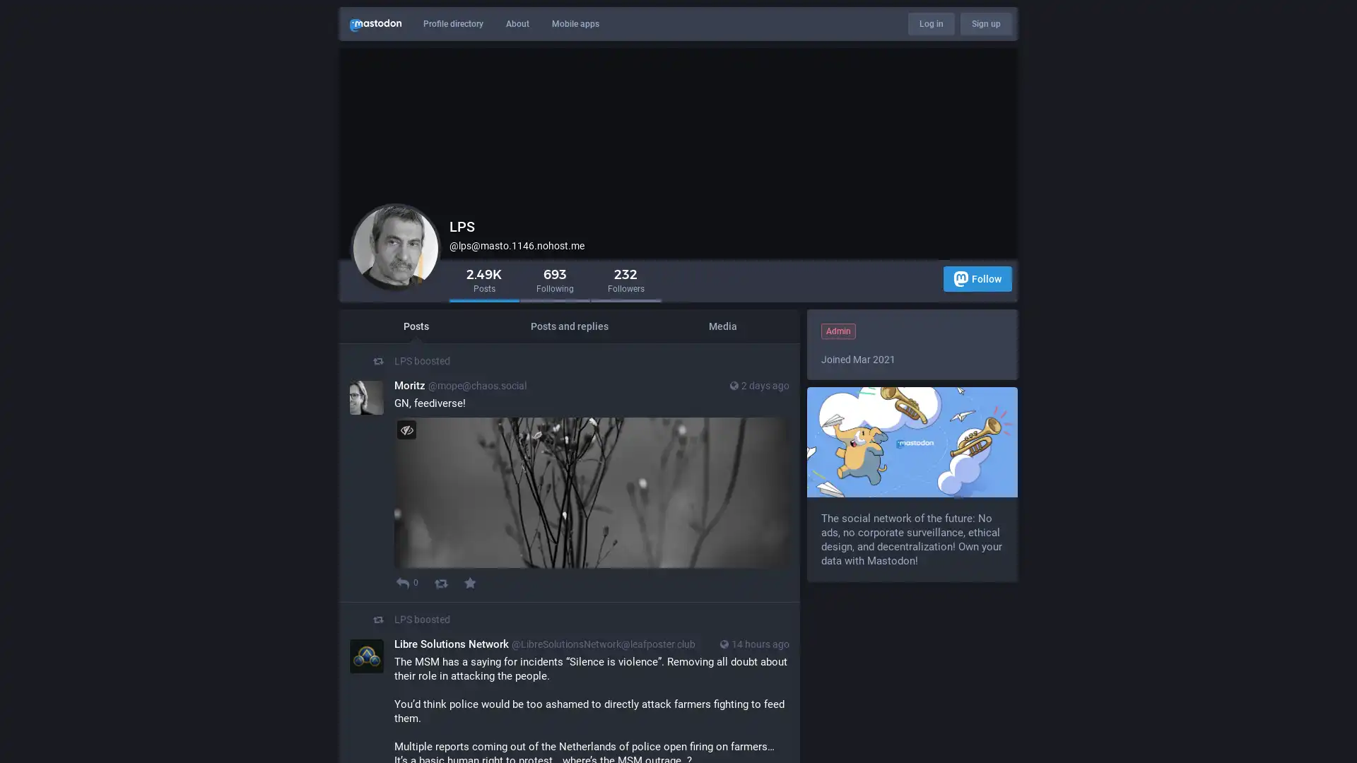 Image resolution: width=1357 pixels, height=763 pixels. What do you see at coordinates (406, 429) in the screenshot?
I see `Hide image` at bounding box center [406, 429].